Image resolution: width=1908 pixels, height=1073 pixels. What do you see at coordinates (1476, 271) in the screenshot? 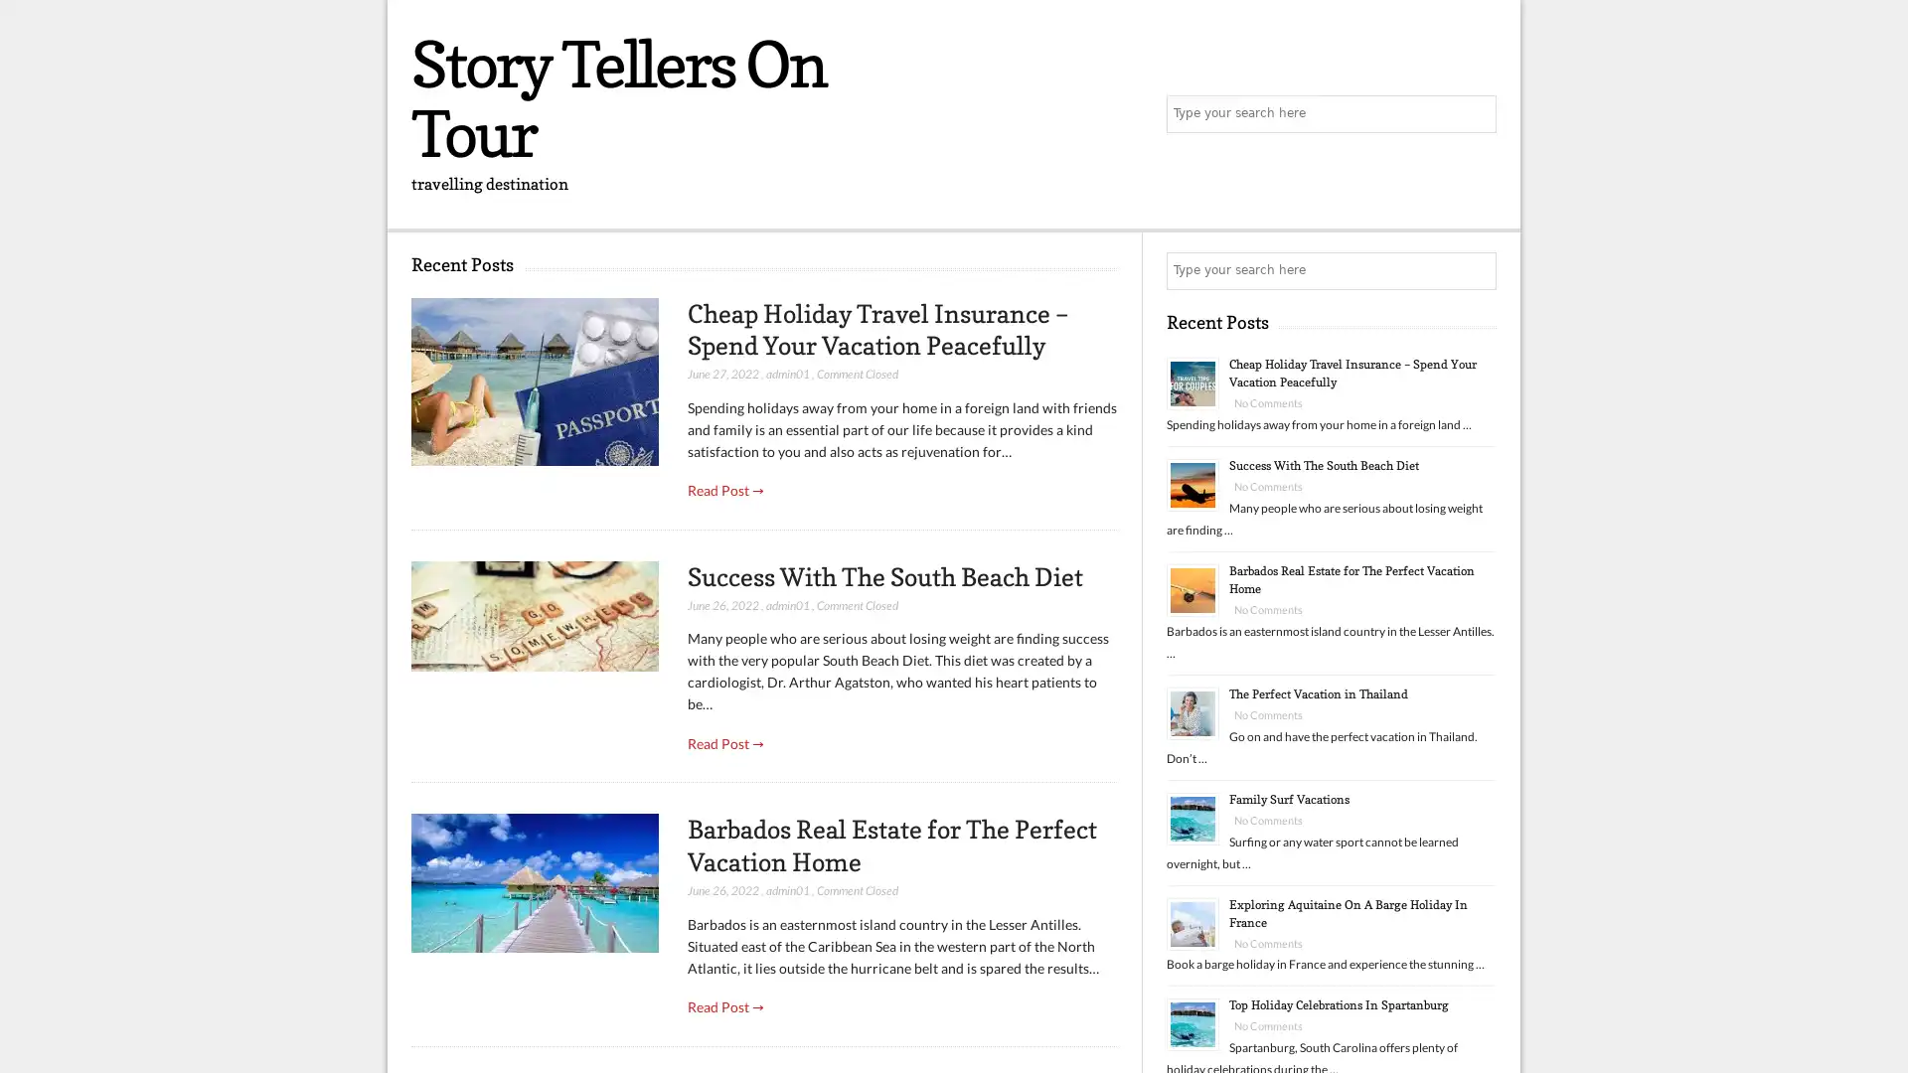
I see `Search` at bounding box center [1476, 271].